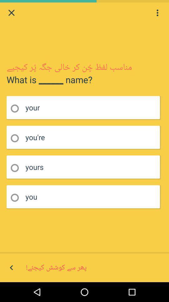 The image size is (169, 302). What do you see at coordinates (17, 138) in the screenshot?
I see `answer you 're` at bounding box center [17, 138].